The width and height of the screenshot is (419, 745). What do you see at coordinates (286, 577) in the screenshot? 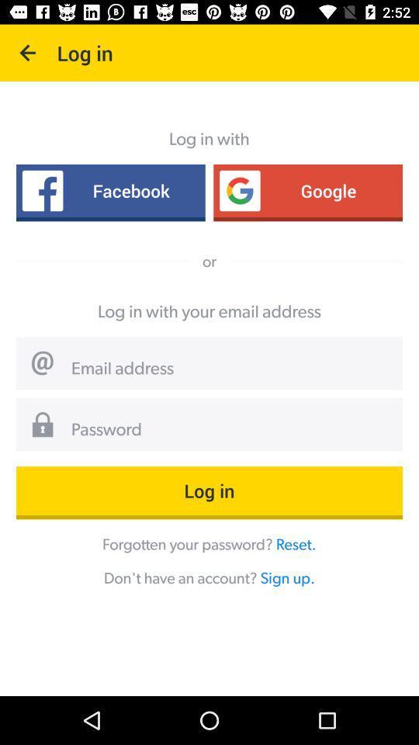
I see `icon below forgotten your password?  item` at bounding box center [286, 577].